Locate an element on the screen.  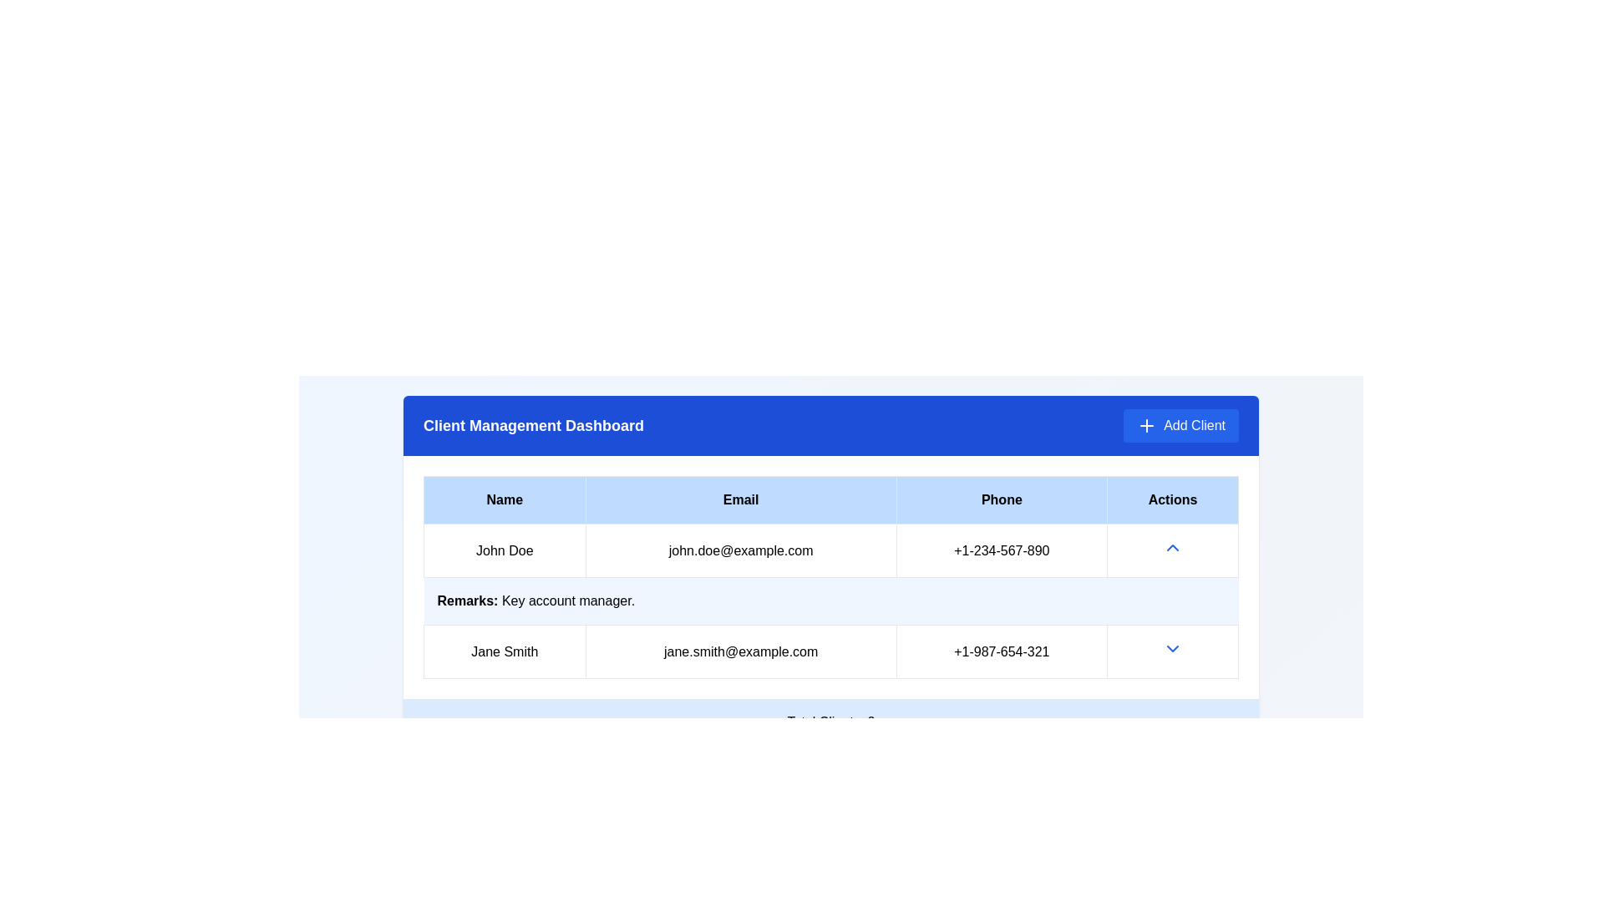
the upward navigation button in the 'Actions' column of the first row for 'John Doe' is located at coordinates (1171, 550).